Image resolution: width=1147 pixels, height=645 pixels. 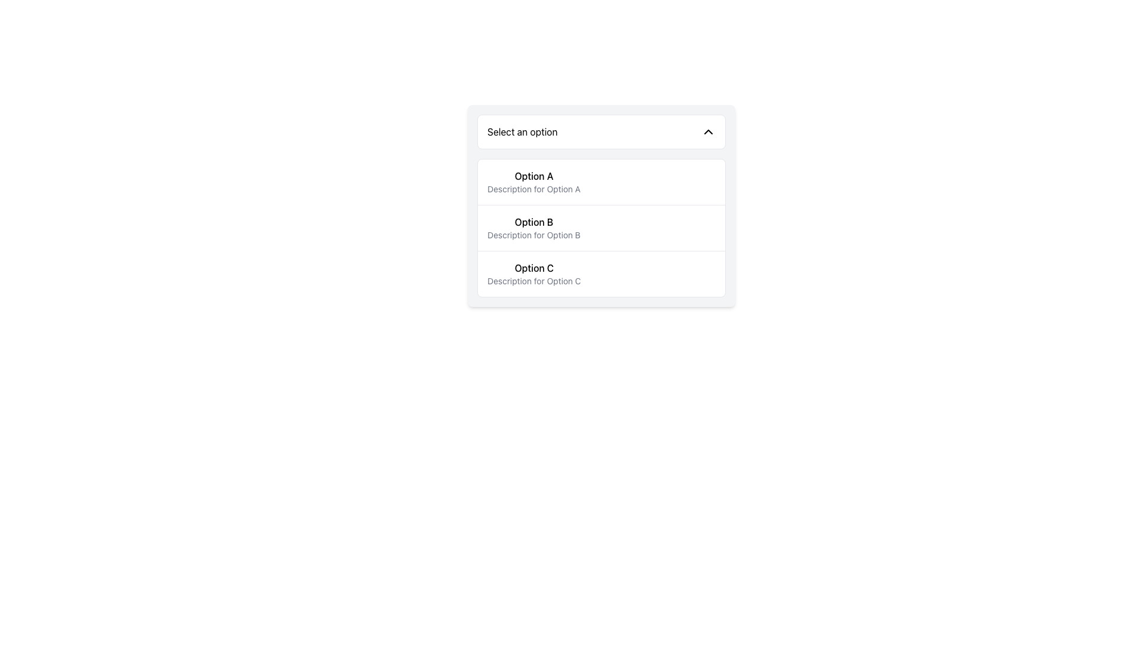 What do you see at coordinates (533, 274) in the screenshot?
I see `the clickable list item titled 'Option C' in the dropdown menu` at bounding box center [533, 274].